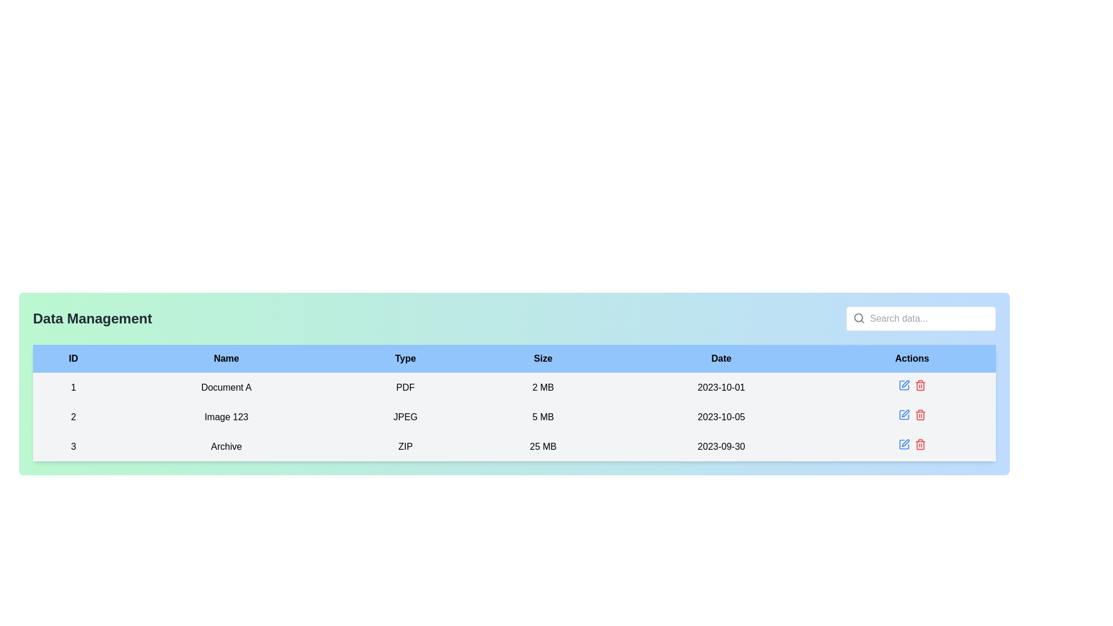 The image size is (1113, 626). What do you see at coordinates (911, 387) in the screenshot?
I see `the action buttons in the 'Actions' column of the first row of the data table, which contains the edit and delete icons, located next to the date '2023-10-01'` at bounding box center [911, 387].